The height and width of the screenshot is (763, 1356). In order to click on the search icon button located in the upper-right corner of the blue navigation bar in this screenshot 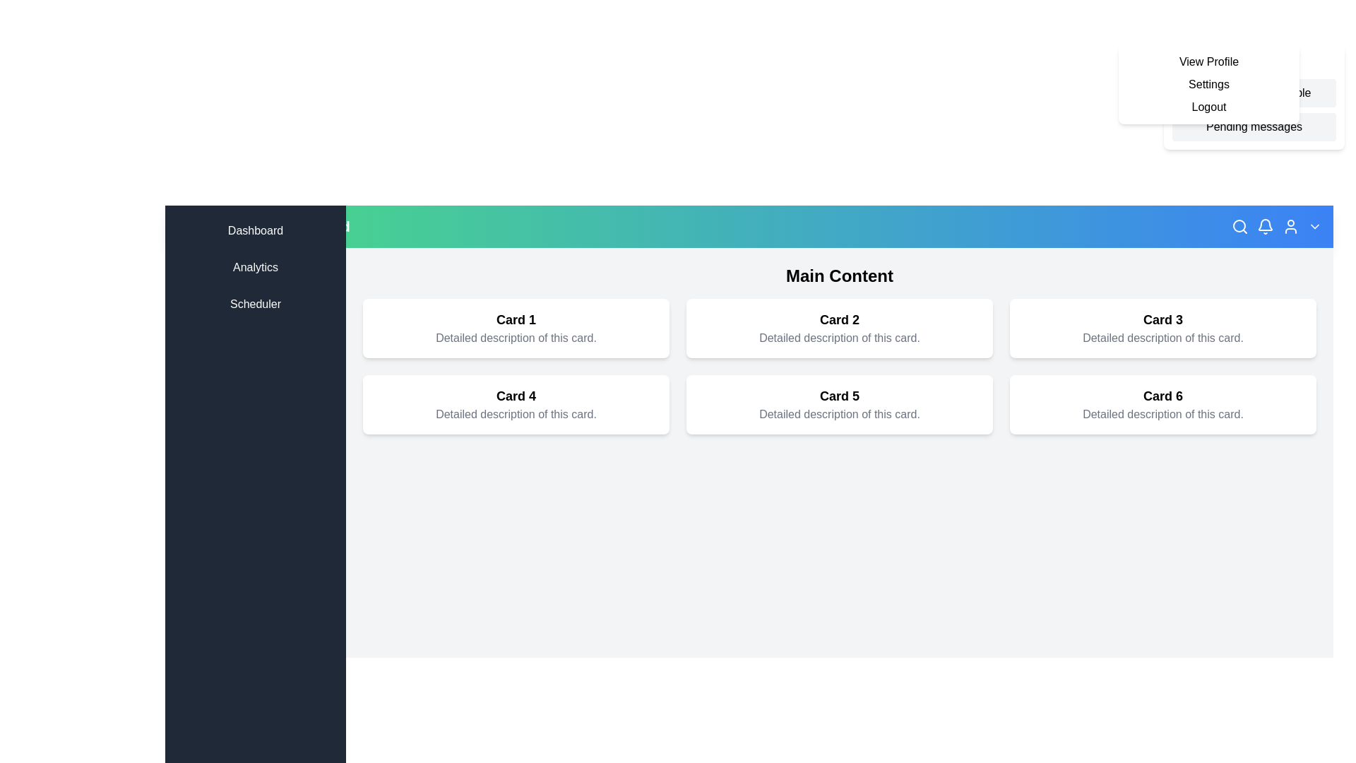, I will do `click(1239, 225)`.